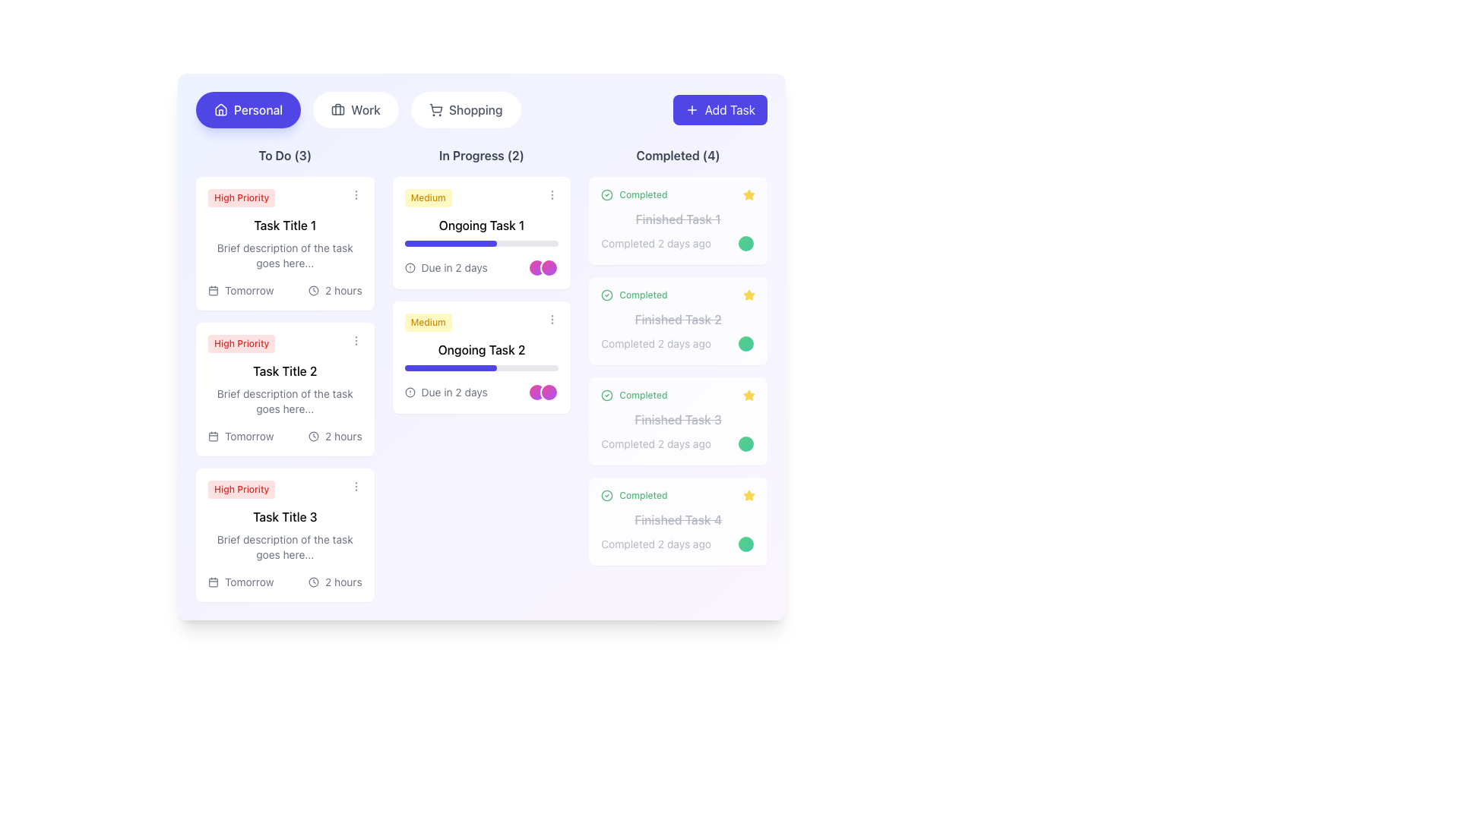 The height and width of the screenshot is (820, 1459). Describe the element at coordinates (606, 295) in the screenshot. I see `the circular vector graphic element with a hollow center in the 'Completed' task column associated with 'Finished Task 2' to associate its state with the related task card` at that location.